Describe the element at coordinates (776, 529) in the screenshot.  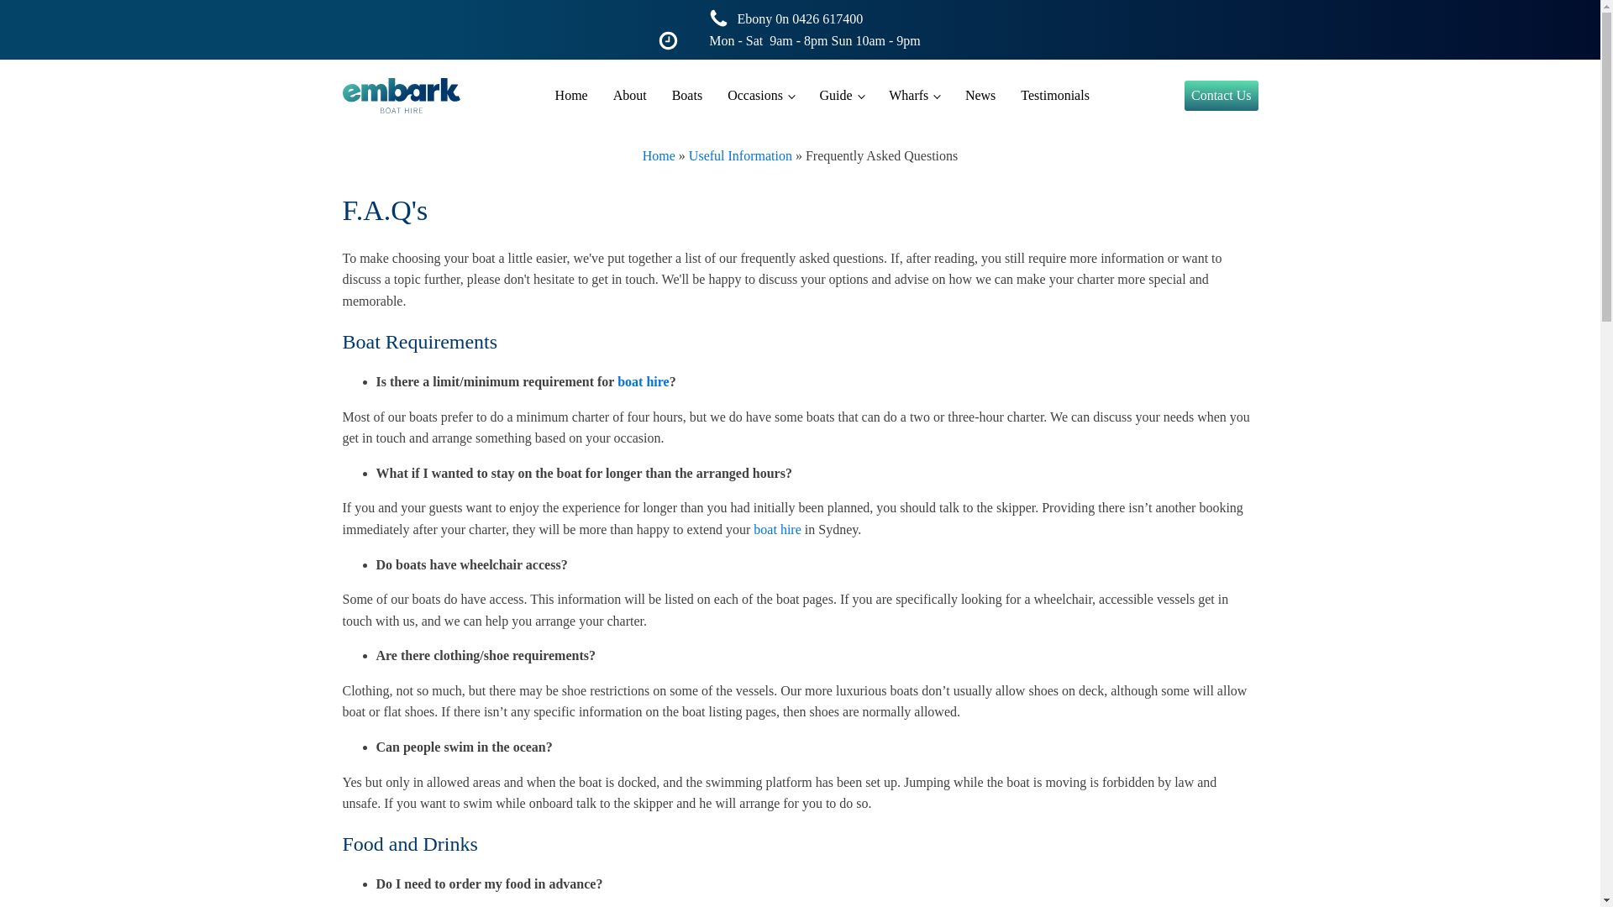
I see `'boat hire'` at that location.